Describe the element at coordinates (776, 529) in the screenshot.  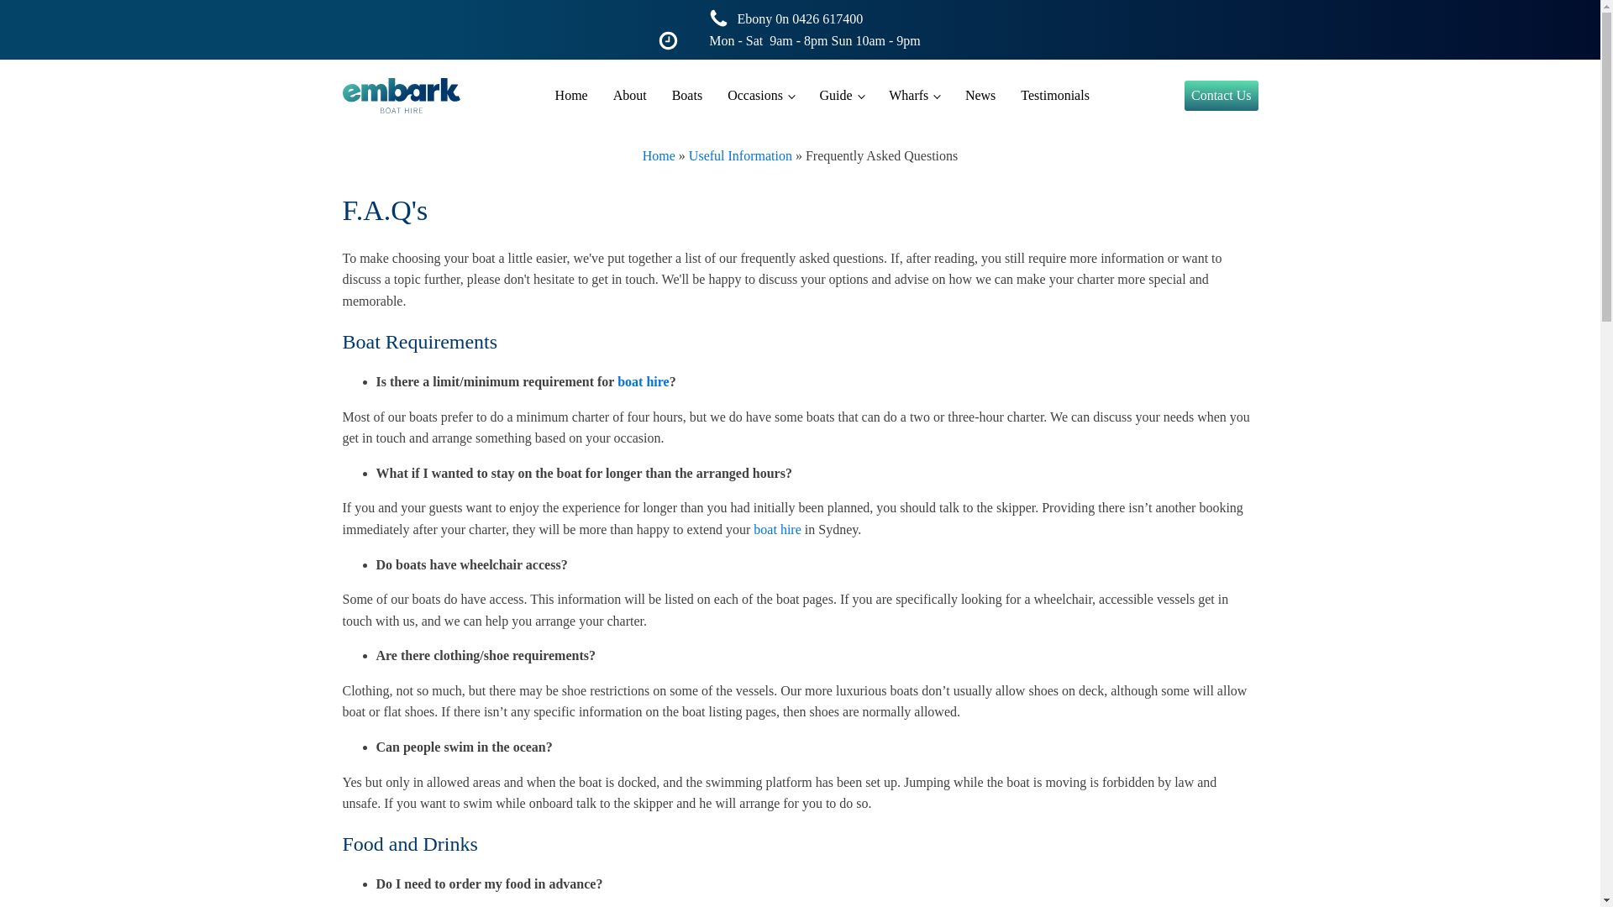
I see `'boat hire'` at that location.